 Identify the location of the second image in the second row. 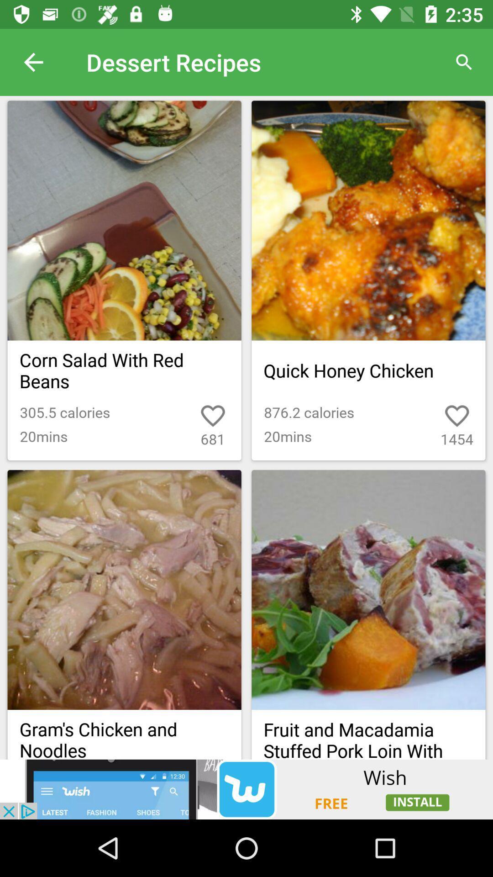
(368, 590).